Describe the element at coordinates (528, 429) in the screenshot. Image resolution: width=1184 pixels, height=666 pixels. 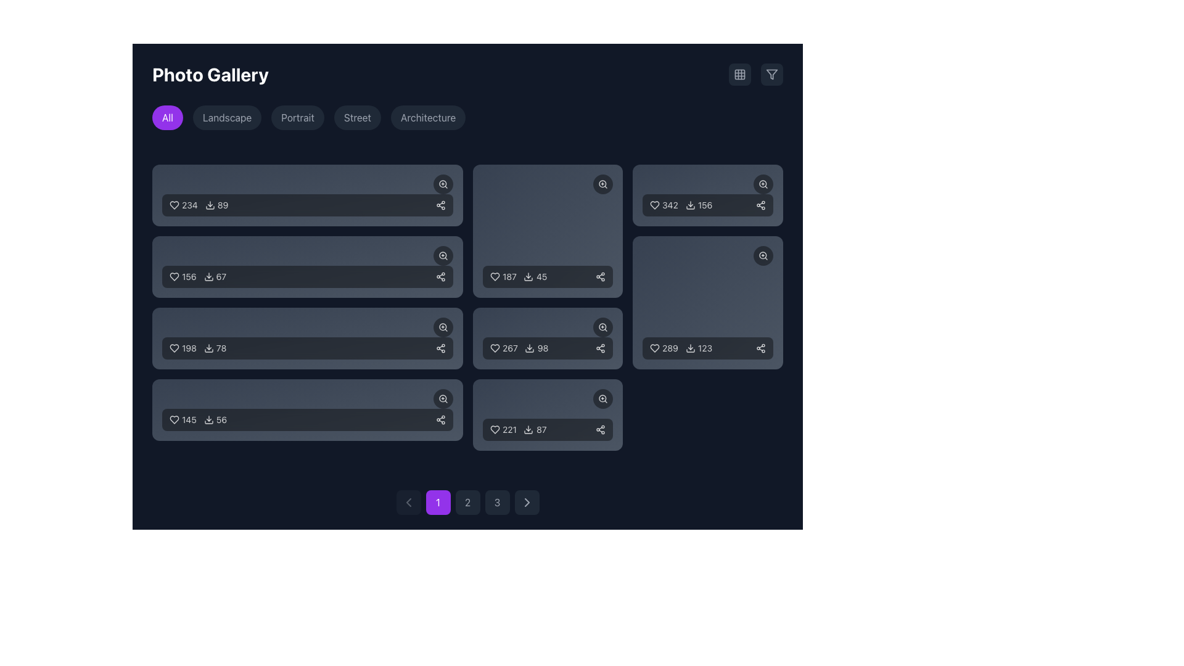
I see `the download icon, which has a white outline on a dark background, located at the bottom-left of a grid cell in the 'Photo Gallery' layout to initiate the download` at that location.